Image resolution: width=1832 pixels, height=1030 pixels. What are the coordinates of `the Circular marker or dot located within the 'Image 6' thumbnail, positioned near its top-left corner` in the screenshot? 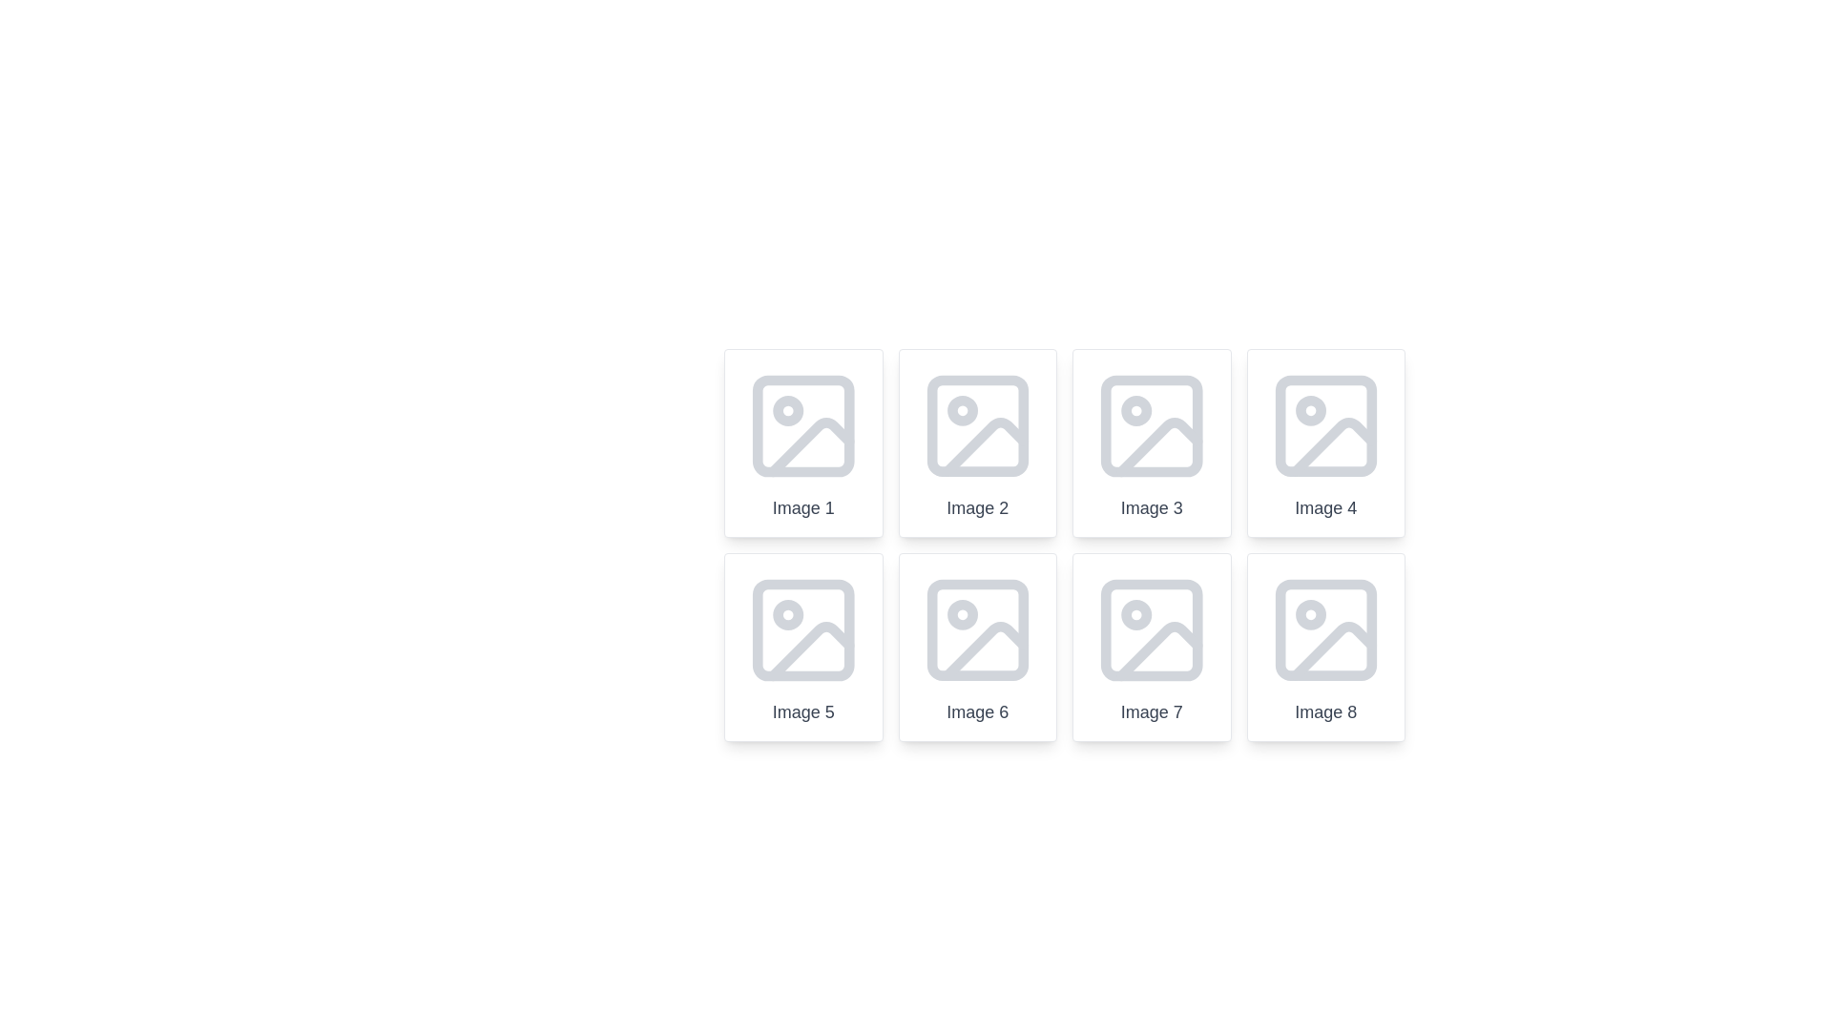 It's located at (962, 614).